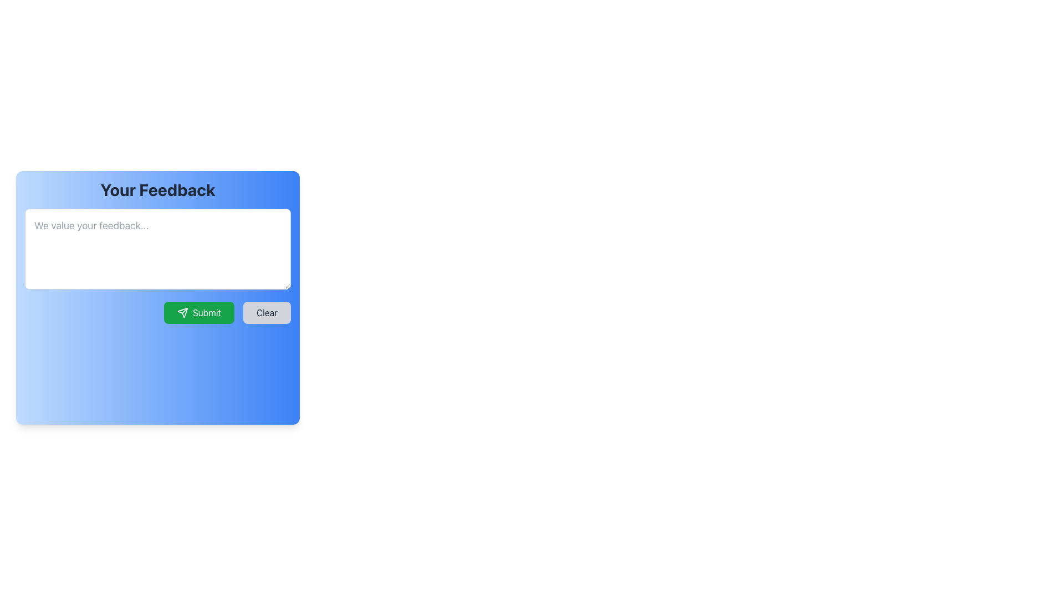 The width and height of the screenshot is (1064, 598). I want to click on the 'Submit' button which is a green rectangular button with white text, located within a form panel below a text input area, so click(207, 312).